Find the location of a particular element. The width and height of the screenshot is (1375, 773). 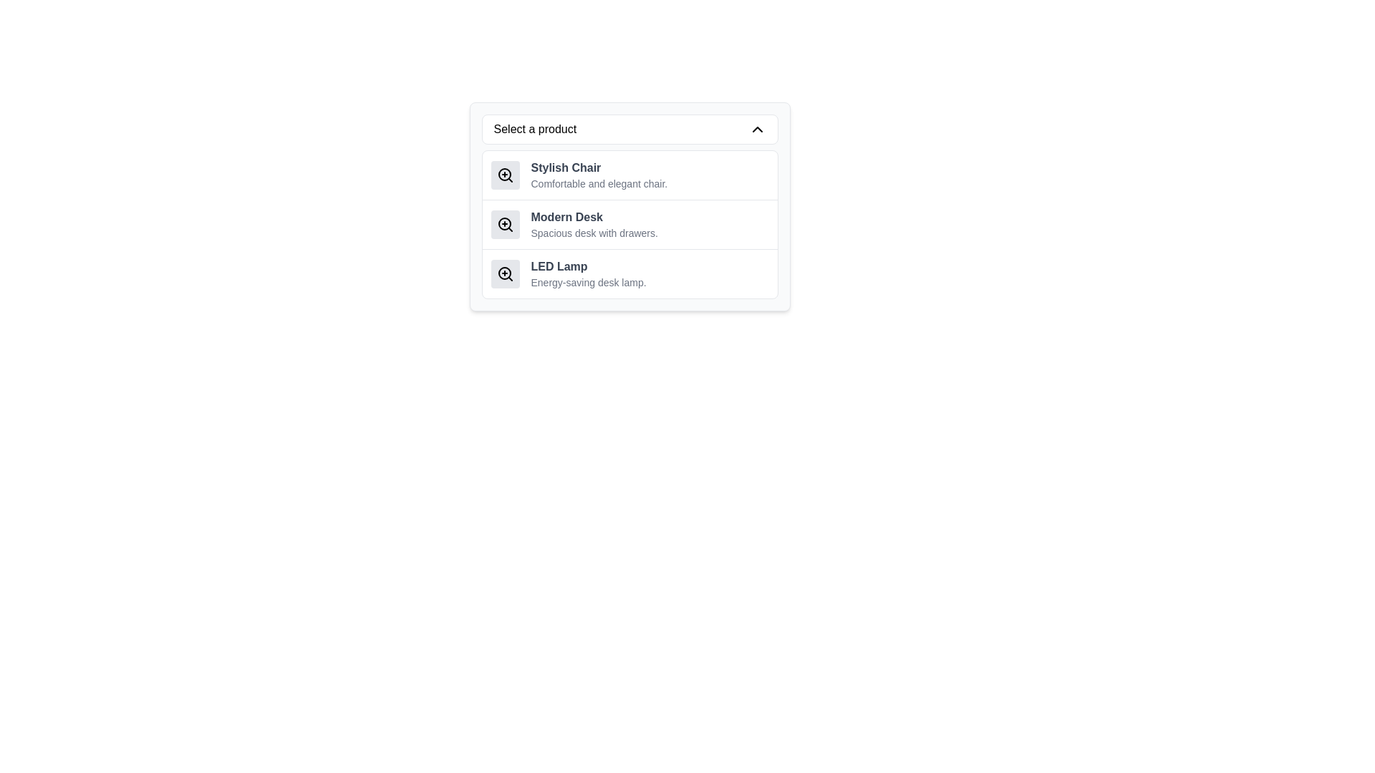

the static information label that describes 'Energy-saving desk lamp', located under the bold text 'LED Lamp' in the dropdown menu for product selection is located at coordinates (588, 282).